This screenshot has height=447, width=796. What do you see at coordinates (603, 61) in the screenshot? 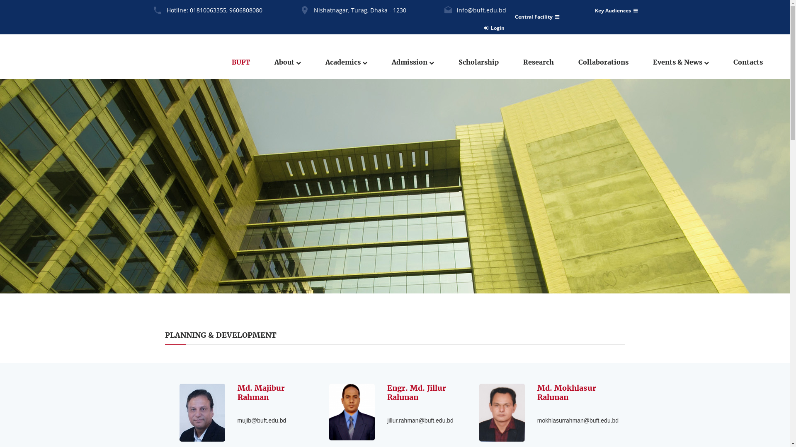
I see `'Collaborations'` at bounding box center [603, 61].